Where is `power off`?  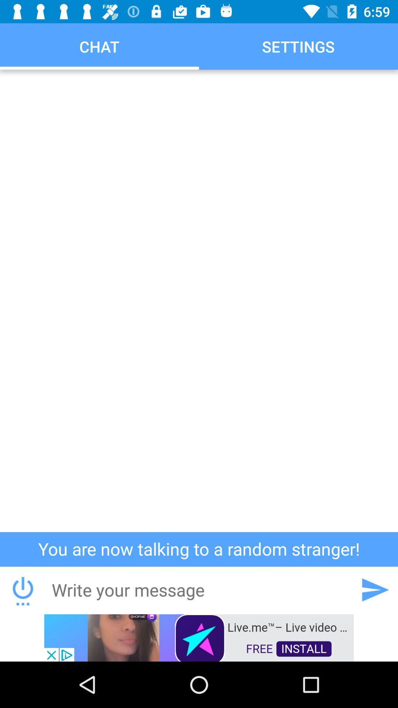
power off is located at coordinates (22, 589).